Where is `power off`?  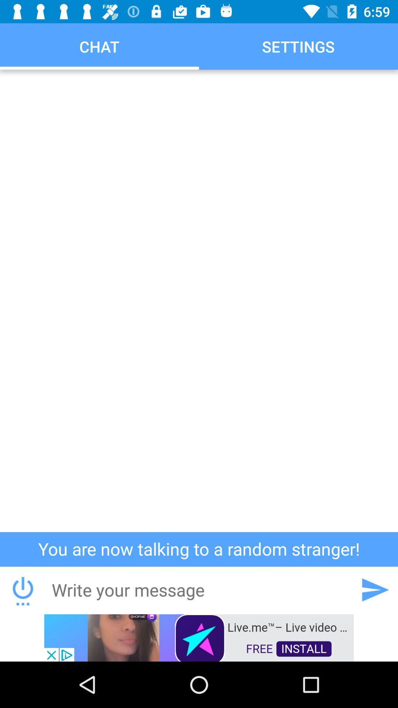
power off is located at coordinates (22, 589).